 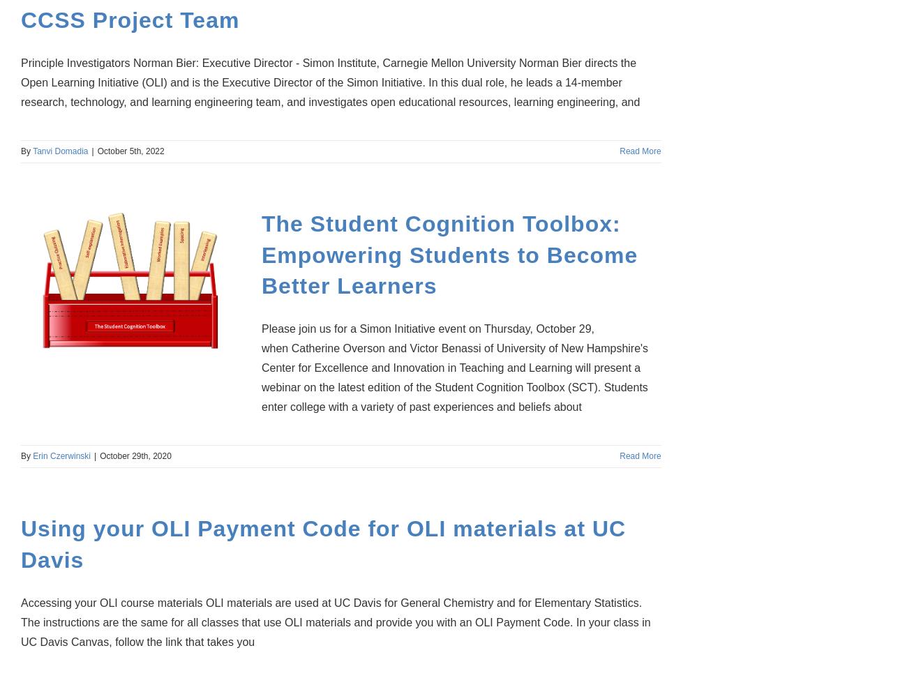 I want to click on 'Accessing your OLI course materials  OLI materials are used at UC Davis for General Chemistry and for Elementary Statistics. The instructions are the same for all classes that use OLI materials and provide you with an OLI Payment Code. In your class in UC Davis Canvas, follow the link that takes you', so click(x=335, y=621).